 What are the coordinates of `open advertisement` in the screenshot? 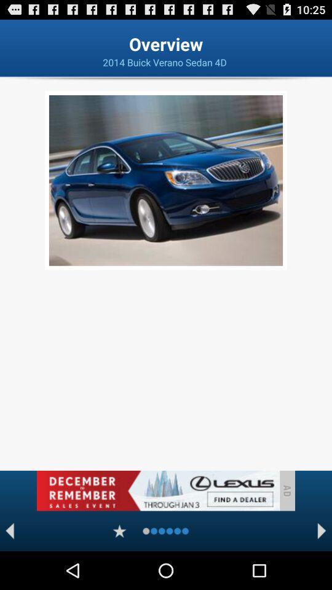 It's located at (157, 490).